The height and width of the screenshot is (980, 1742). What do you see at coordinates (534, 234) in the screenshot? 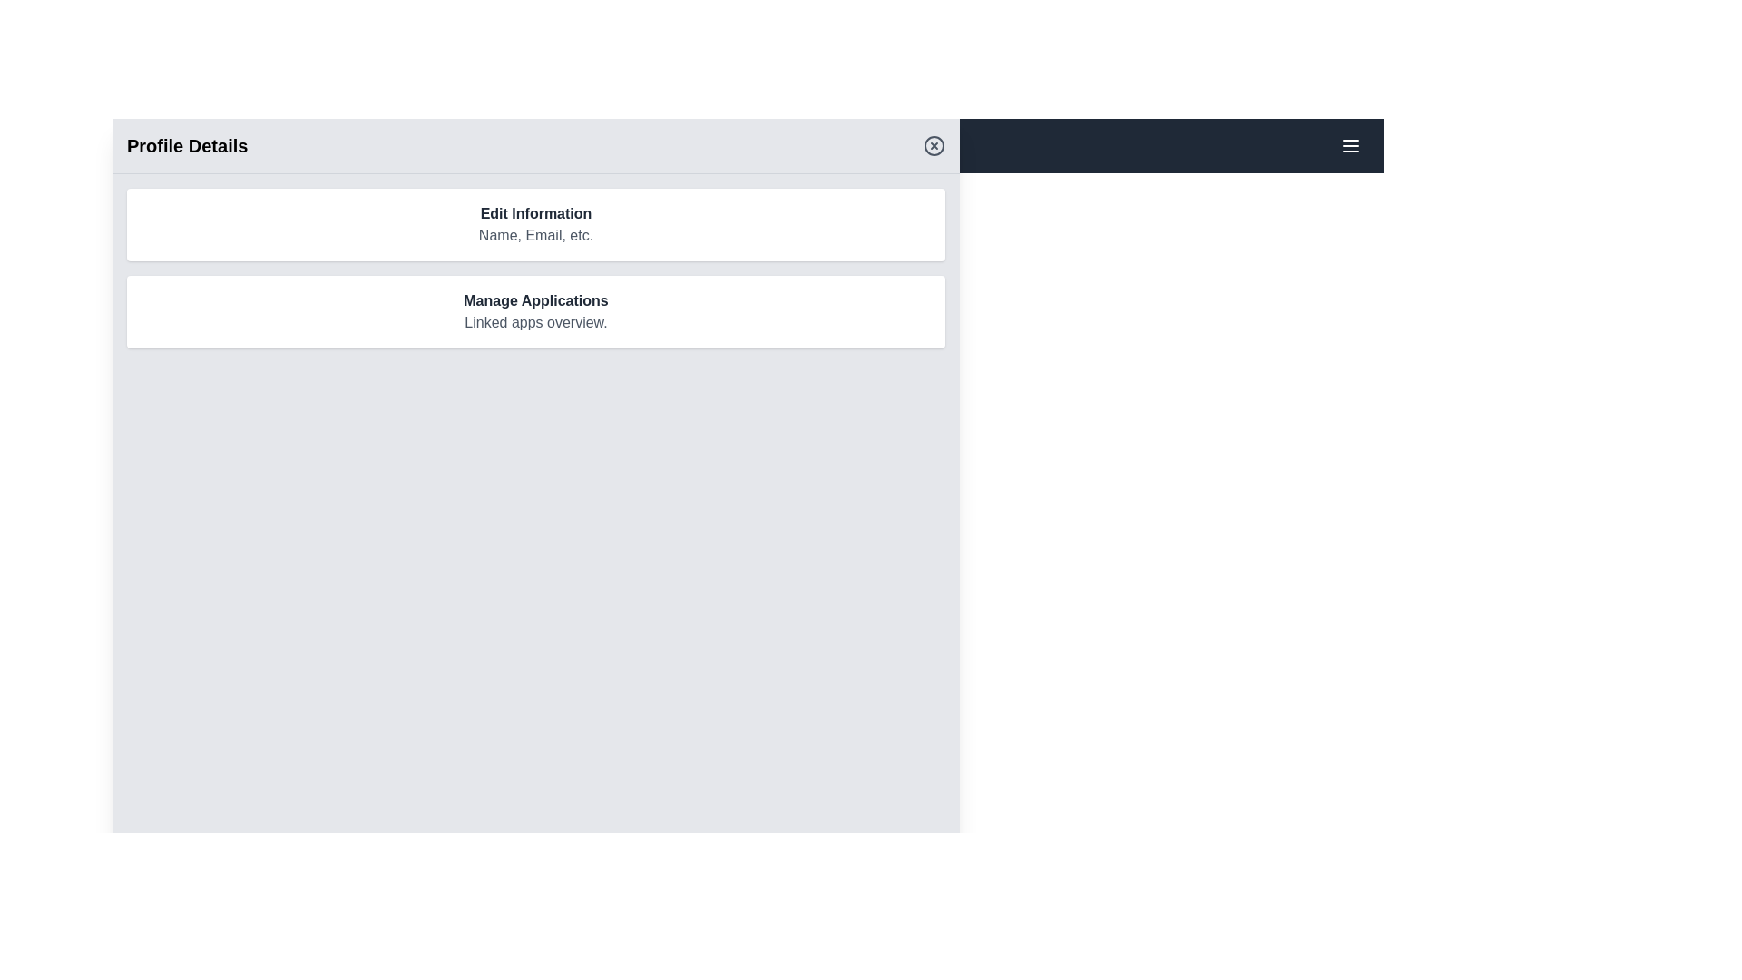
I see `the text element displaying 'Name, Email, etc.' in dim gray shade, located beneath the heading 'Edit Information'` at bounding box center [534, 234].